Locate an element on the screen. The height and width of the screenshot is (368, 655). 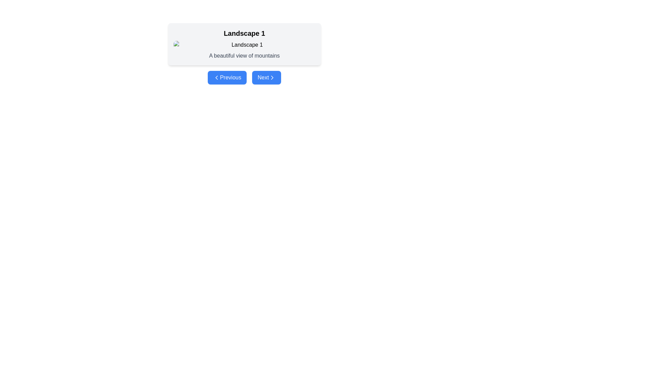
the left-pointing chevron icon which is styled with a thin stroke and rounded edges, located within the blue rectangular button next to the 'Previous' button is located at coordinates (216, 77).